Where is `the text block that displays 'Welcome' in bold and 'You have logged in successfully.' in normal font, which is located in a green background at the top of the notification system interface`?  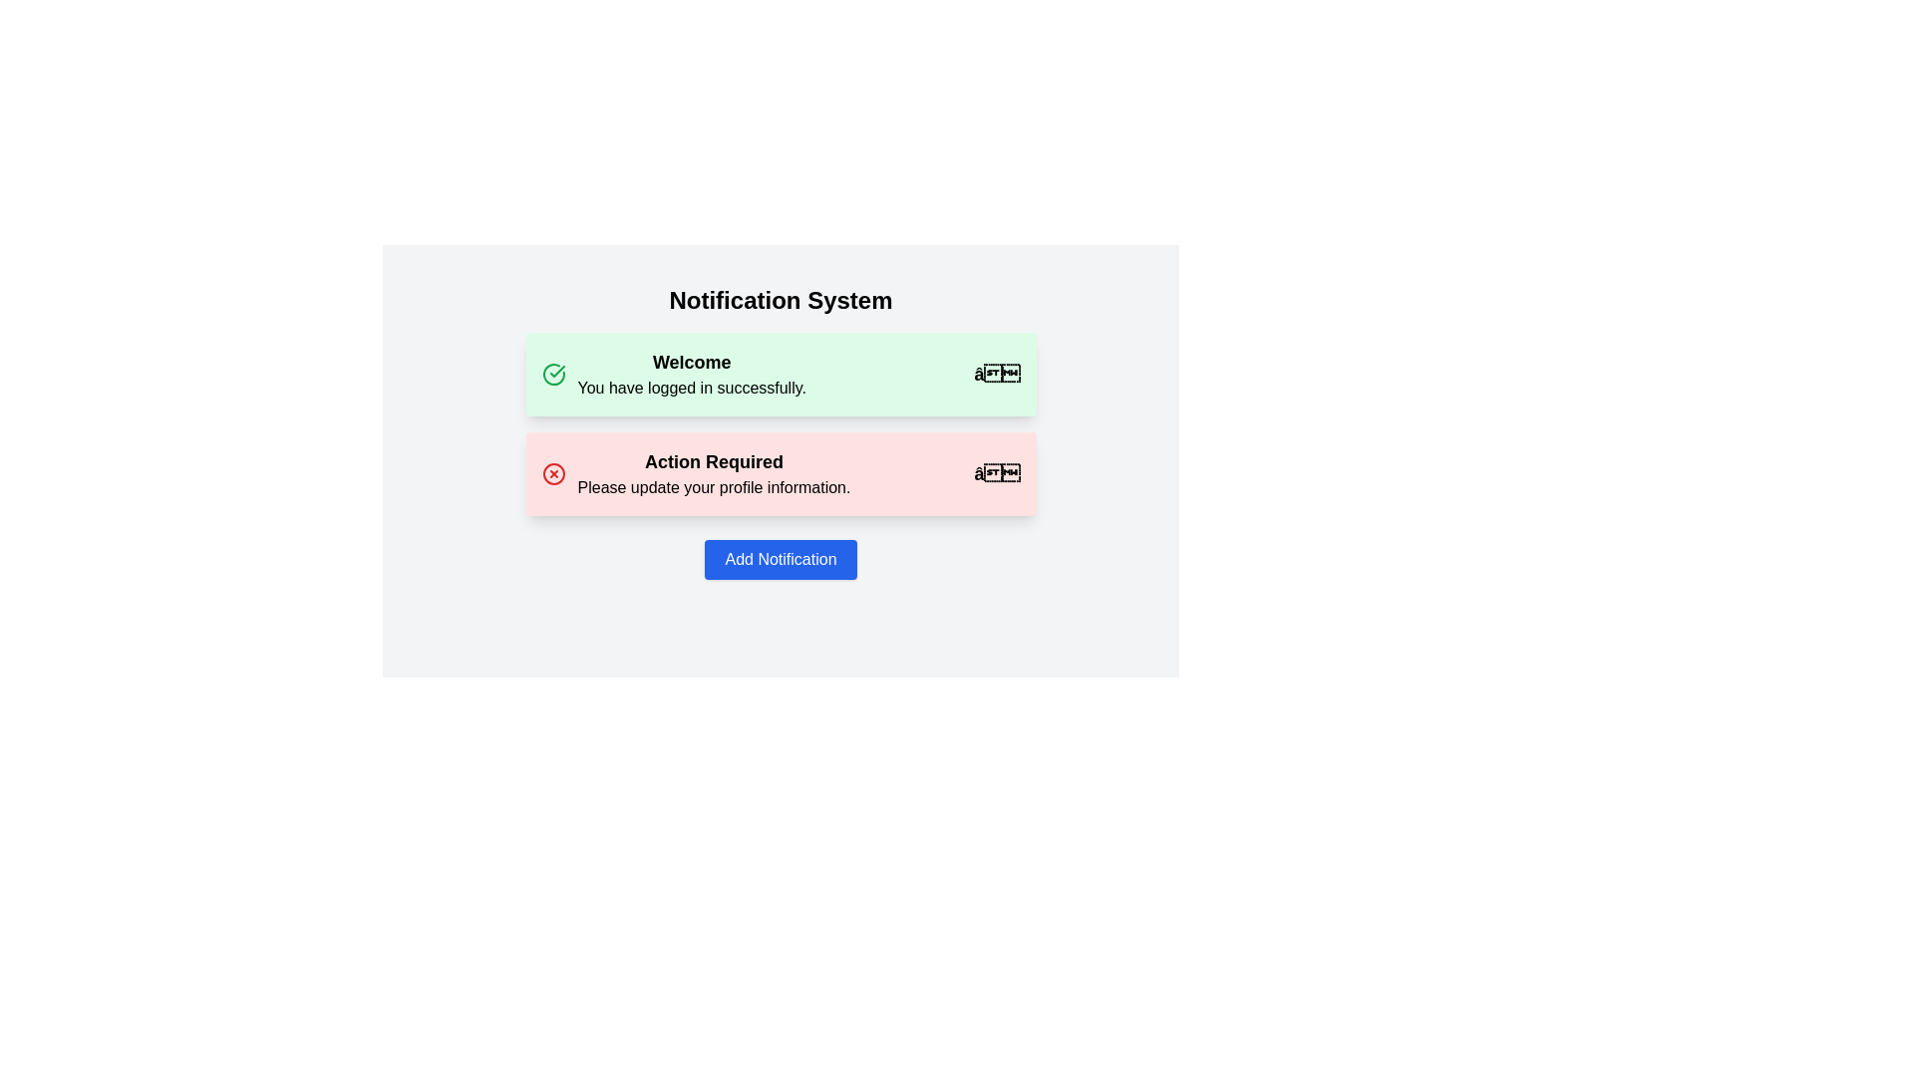
the text block that displays 'Welcome' in bold and 'You have logged in successfully.' in normal font, which is located in a green background at the top of the notification system interface is located at coordinates (692, 374).